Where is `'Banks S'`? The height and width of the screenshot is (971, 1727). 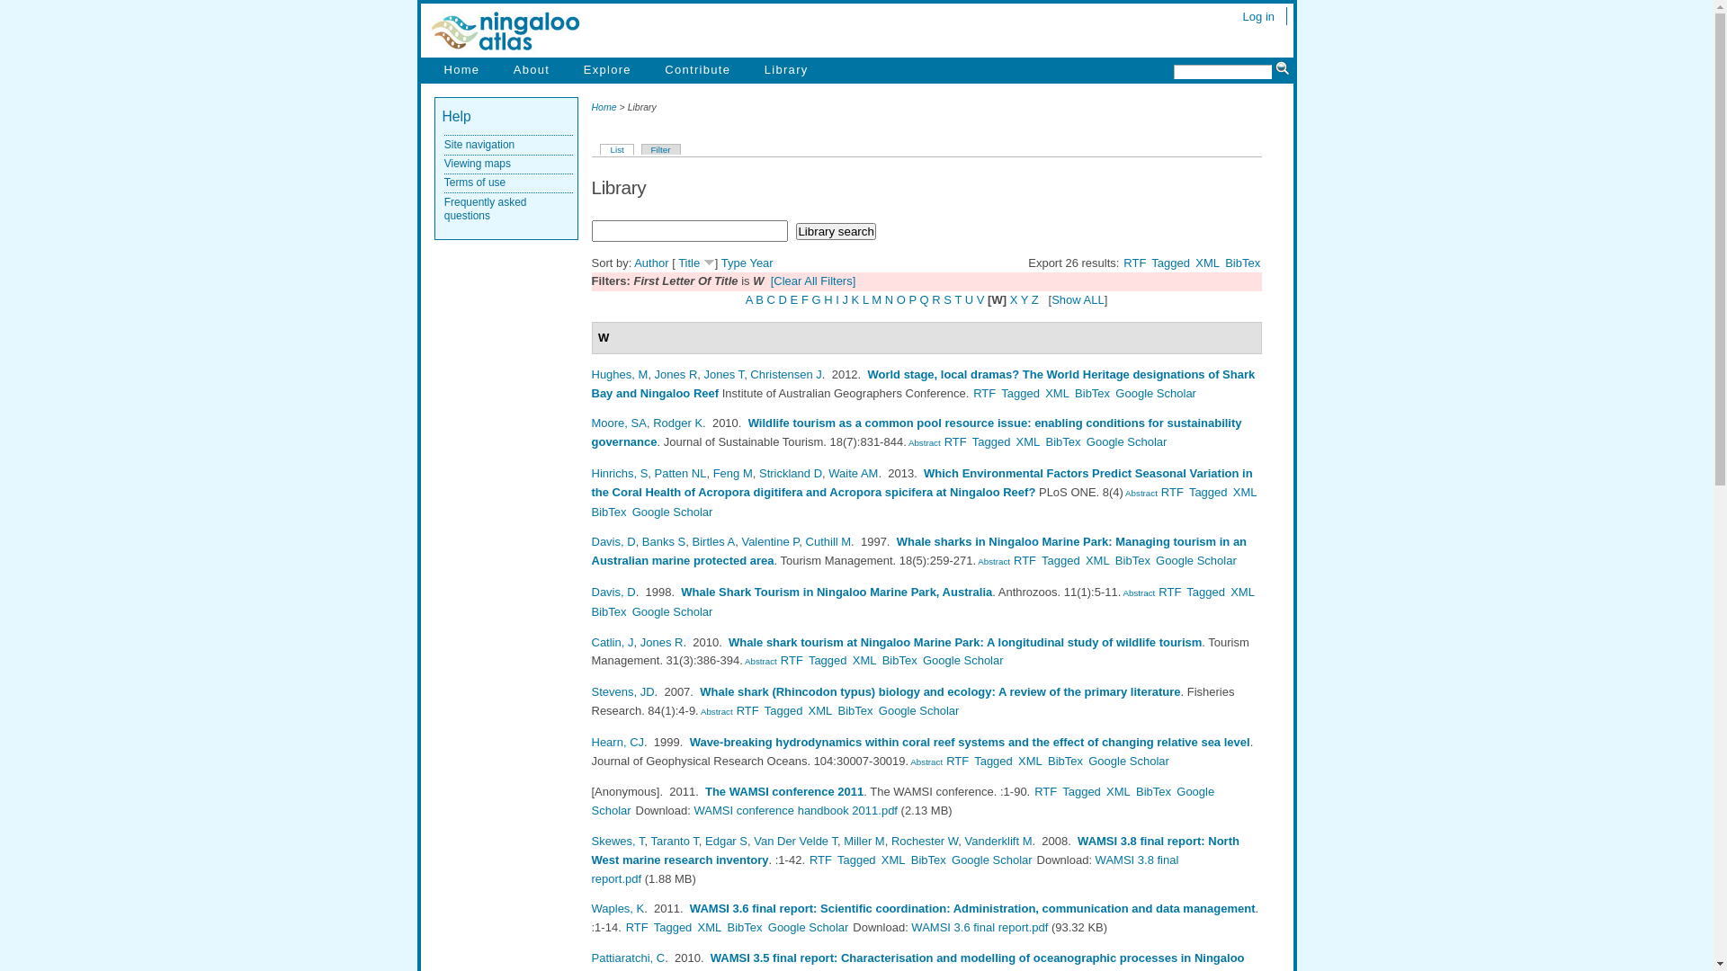 'Banks S' is located at coordinates (663, 540).